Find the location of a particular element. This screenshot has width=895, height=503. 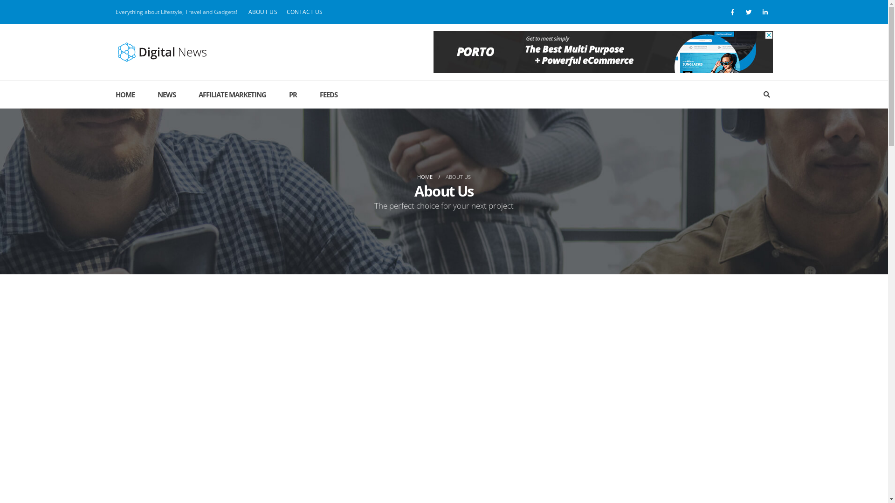

'Twitter' is located at coordinates (749, 12).